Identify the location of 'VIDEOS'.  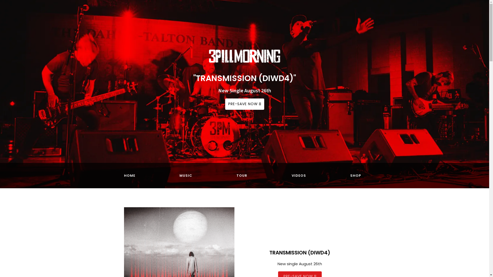
(299, 175).